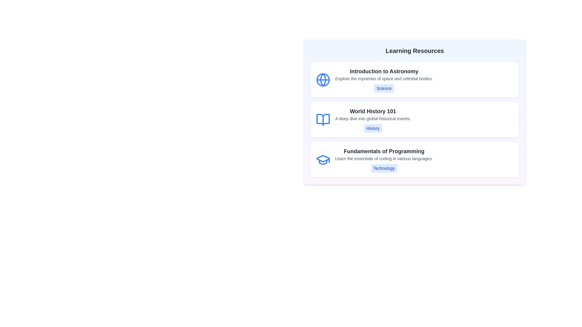 This screenshot has width=582, height=327. What do you see at coordinates (414, 79) in the screenshot?
I see `the resource item labeled 'Introduction to Astronomy' to observe the hover effect` at bounding box center [414, 79].